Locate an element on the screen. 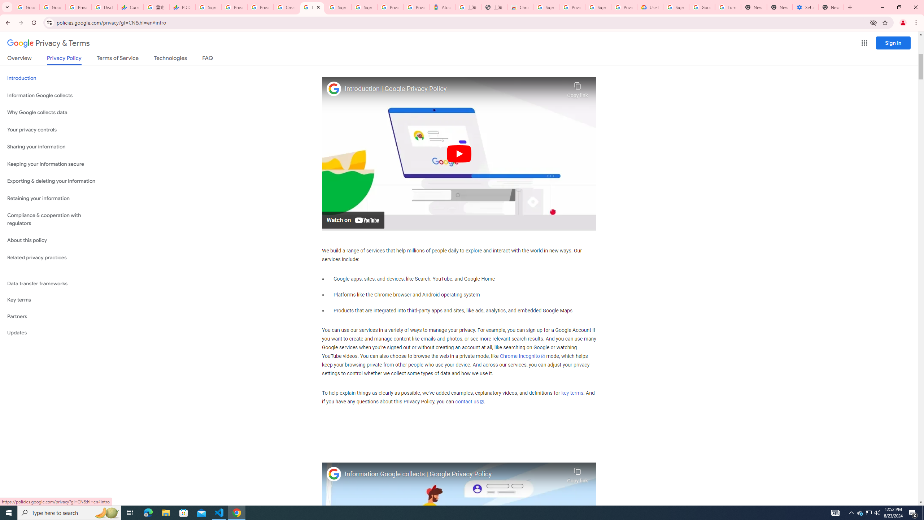 The width and height of the screenshot is (924, 520). 'Privacy Checkup' is located at coordinates (260, 7).